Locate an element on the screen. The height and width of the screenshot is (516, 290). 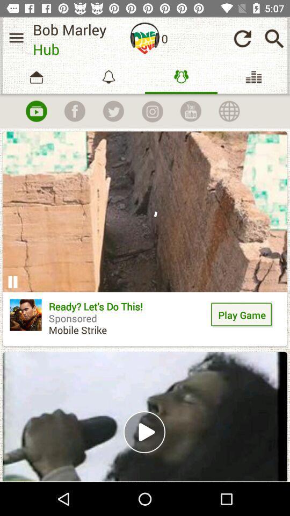
icon next to the 0 icon is located at coordinates (145, 38).